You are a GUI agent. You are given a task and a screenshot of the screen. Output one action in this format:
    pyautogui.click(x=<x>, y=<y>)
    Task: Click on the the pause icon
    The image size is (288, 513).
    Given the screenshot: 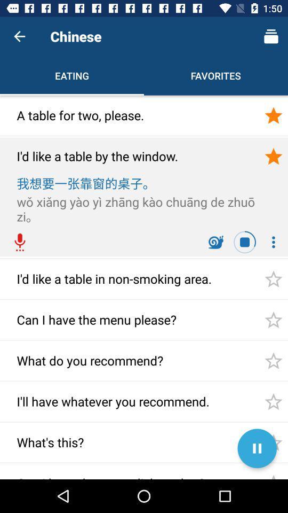 What is the action you would take?
    pyautogui.click(x=257, y=448)
    